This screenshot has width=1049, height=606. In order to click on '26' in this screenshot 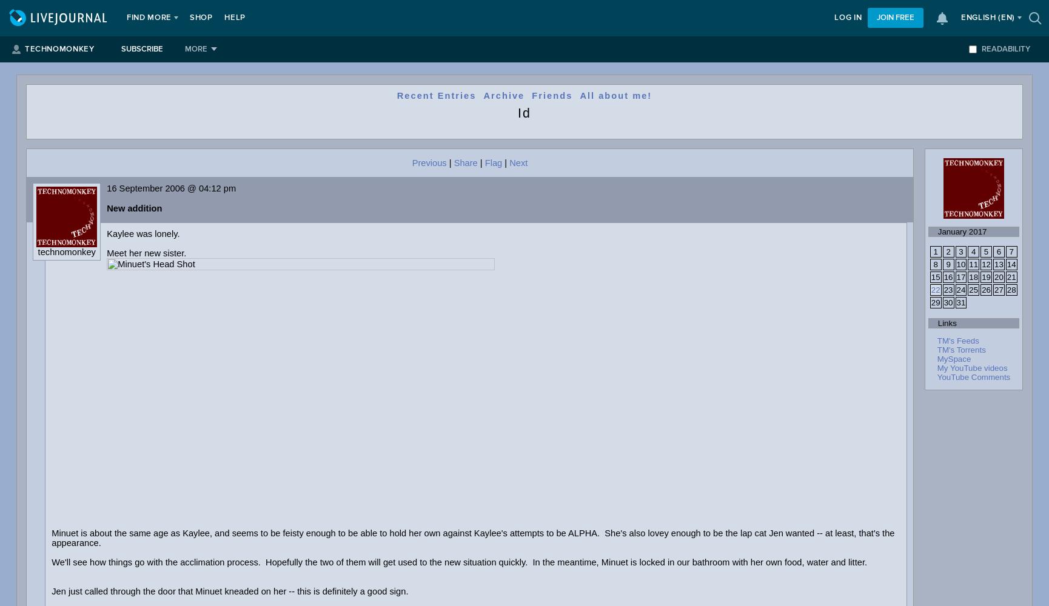, I will do `click(985, 289)`.